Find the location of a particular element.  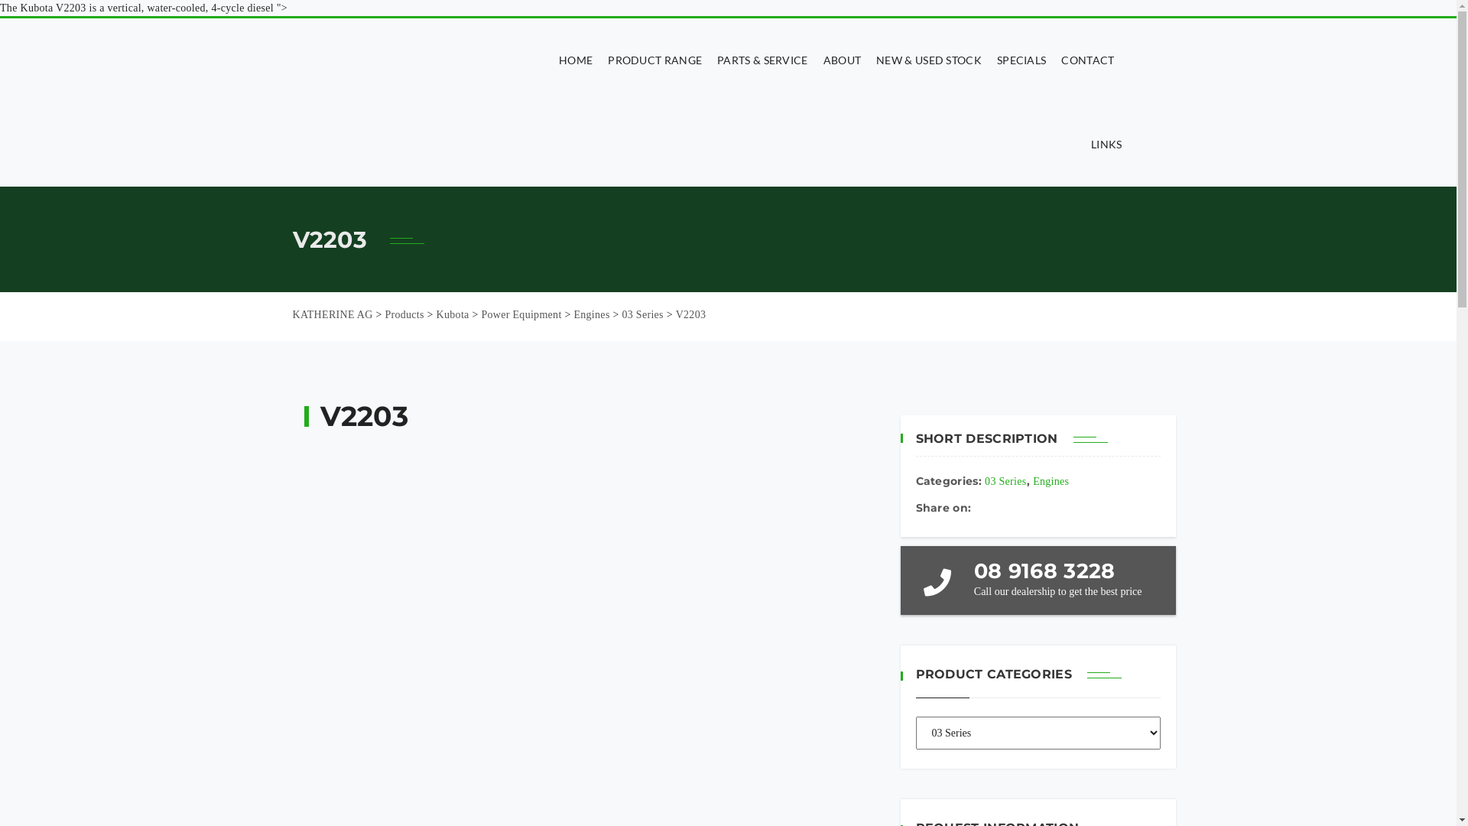

'CONTACT' is located at coordinates (1086, 59).